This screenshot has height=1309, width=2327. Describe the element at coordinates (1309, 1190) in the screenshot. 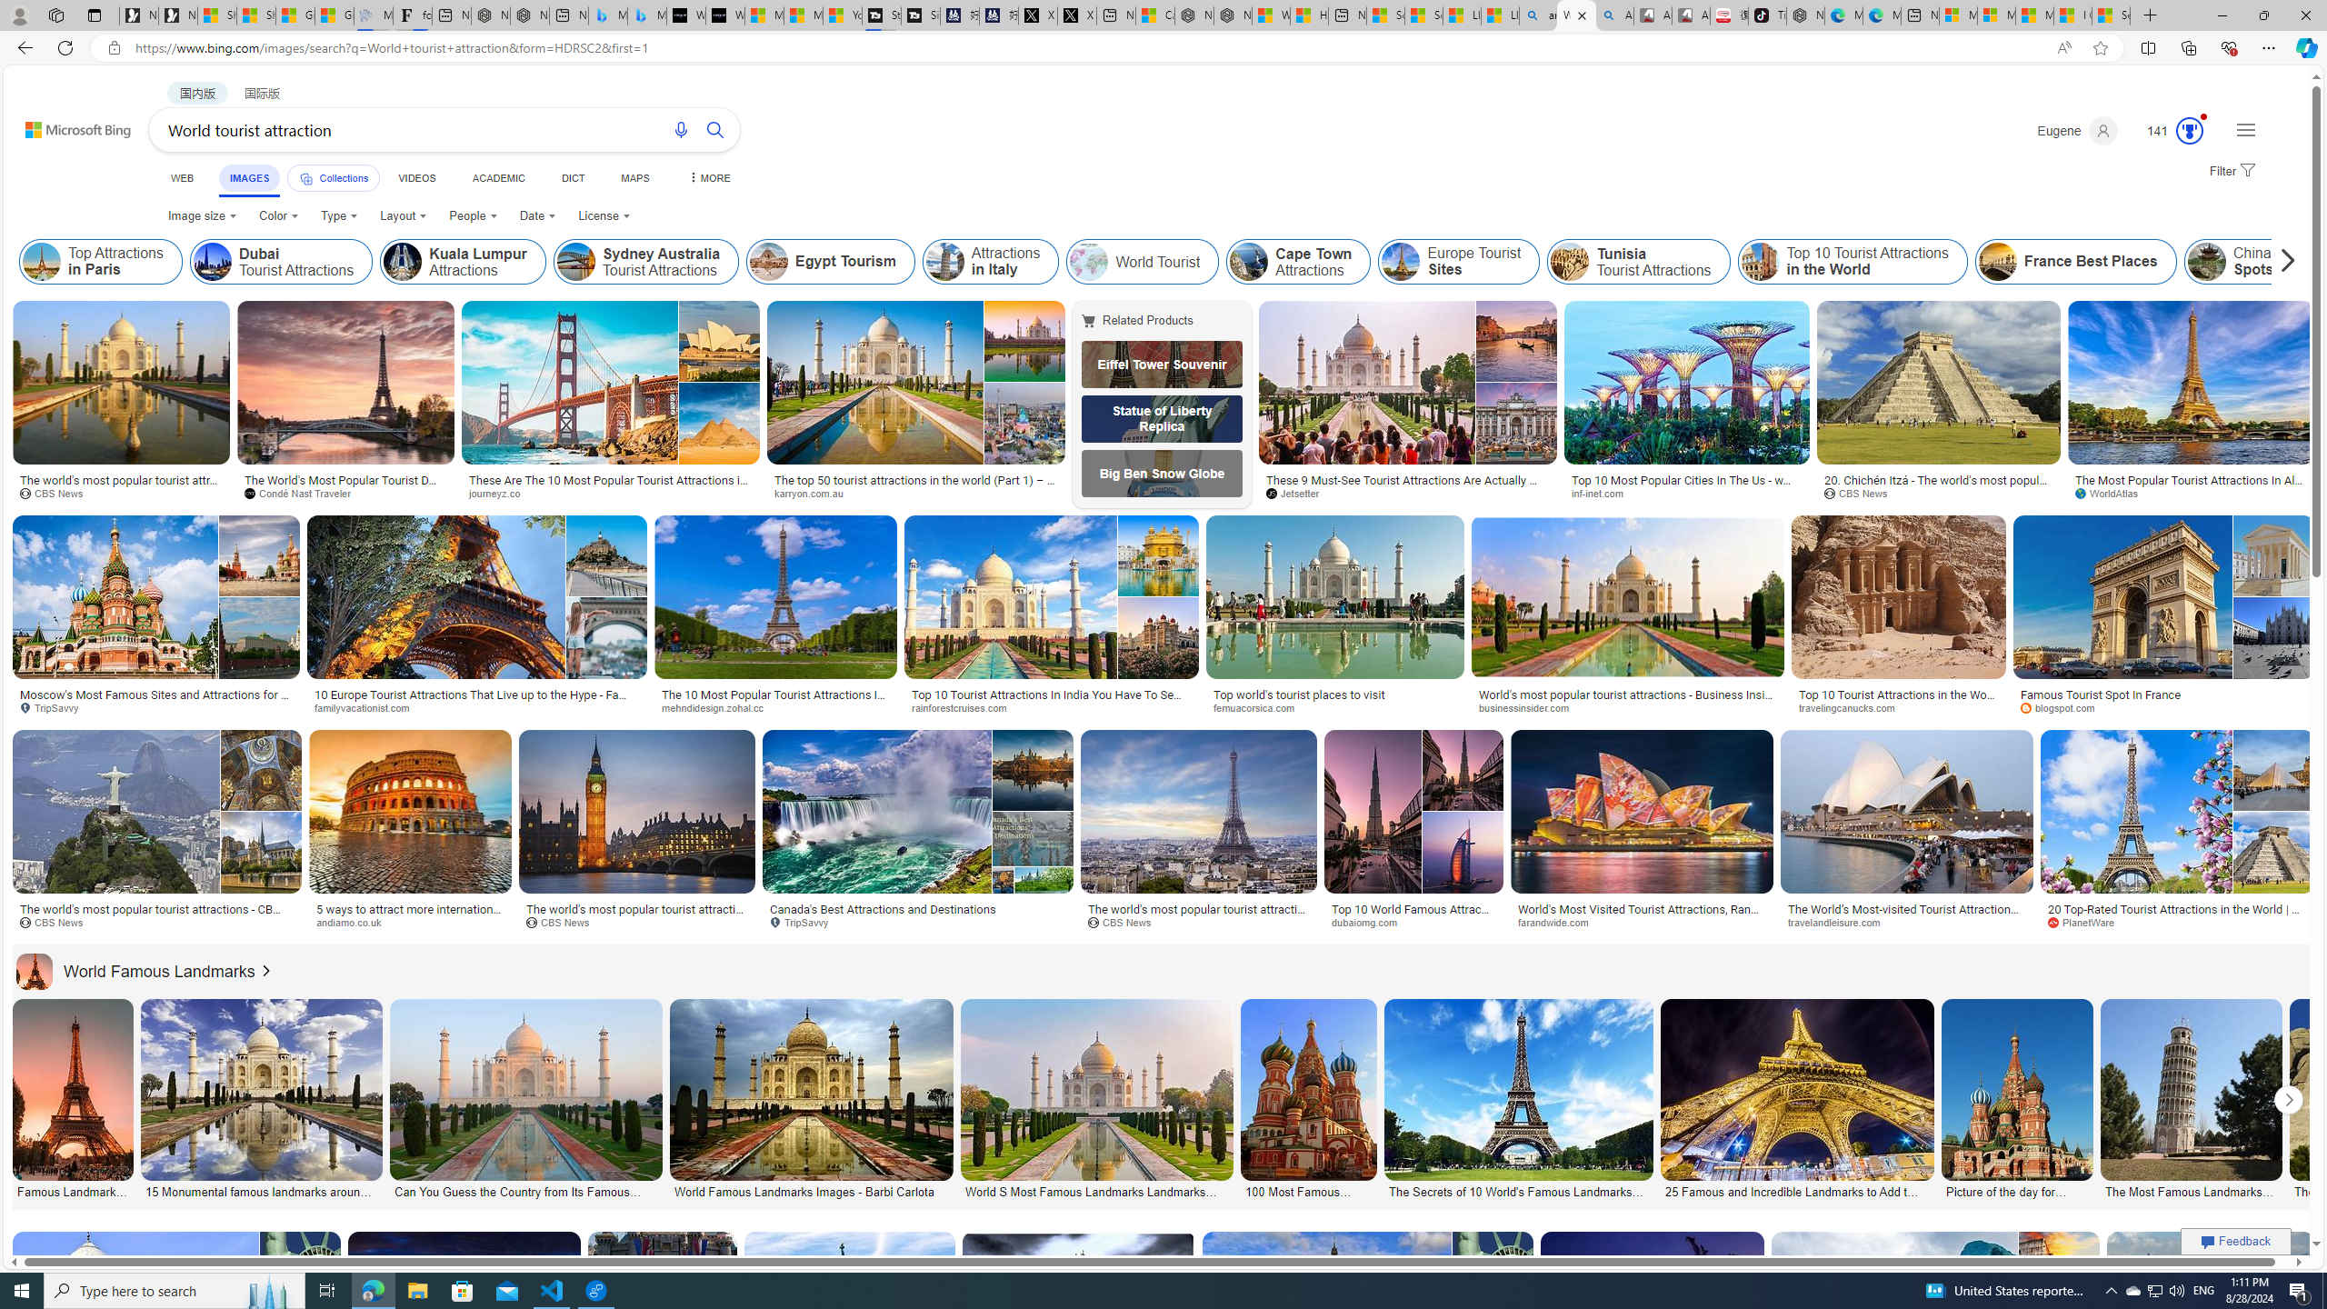

I see `'100 Most Famous Landmarks Around the World | RAX BOOK'` at that location.